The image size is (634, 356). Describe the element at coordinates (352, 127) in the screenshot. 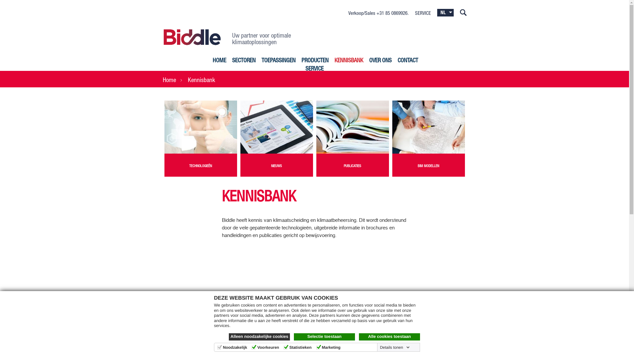

I see `'Diverse publicaties'` at that location.